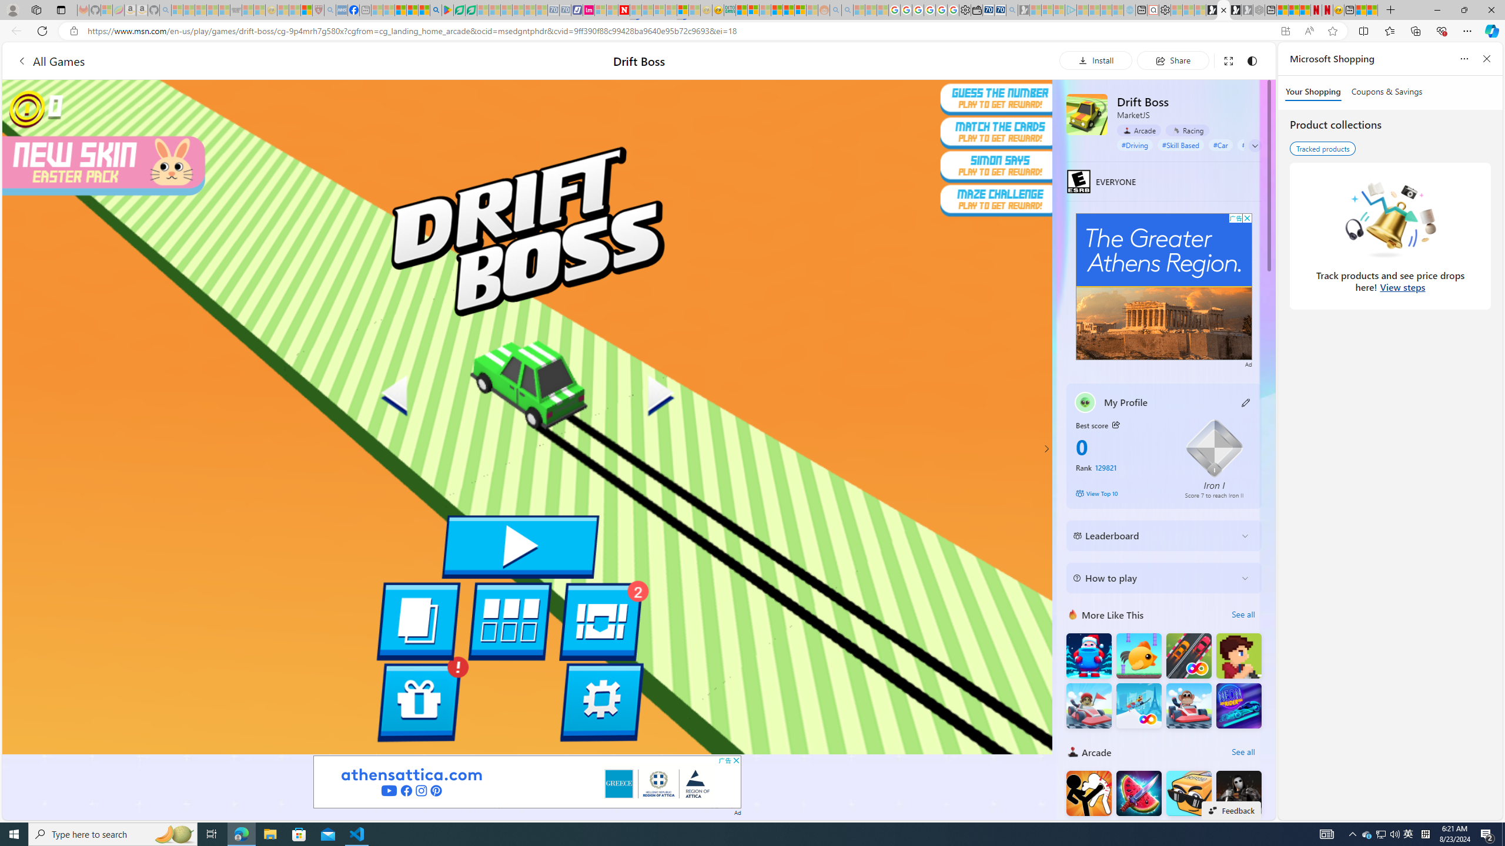  Describe the element at coordinates (1138, 130) in the screenshot. I see `'Arcade'` at that location.